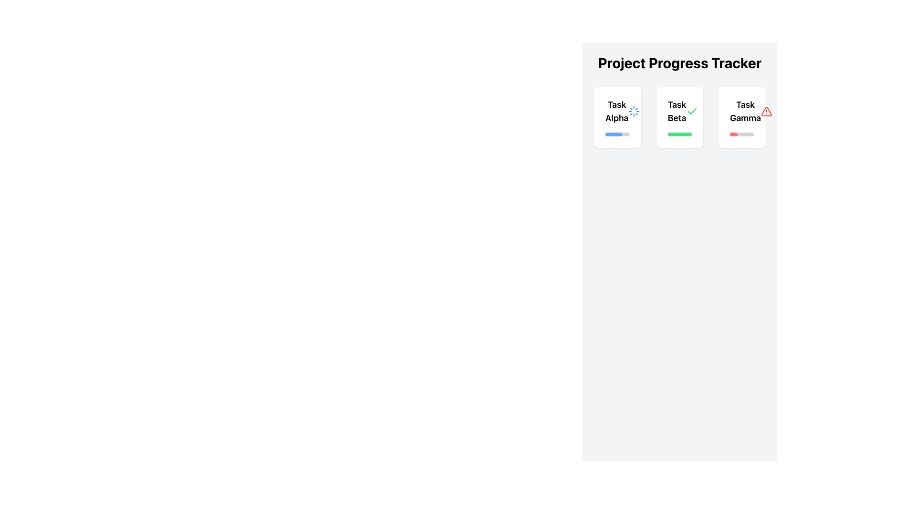 Image resolution: width=916 pixels, height=515 pixels. What do you see at coordinates (692, 111) in the screenshot?
I see `the check mark icon indicating successful completion of the associated task within the 'Task Beta' card in the 'Project Progress Tracker'` at bounding box center [692, 111].